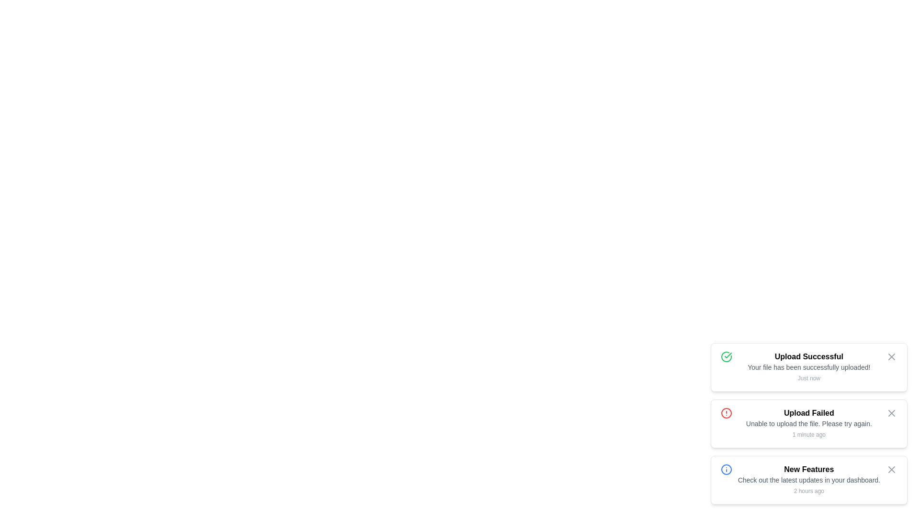  Describe the element at coordinates (808, 366) in the screenshot. I see `the notification with title Upload Successful` at that location.